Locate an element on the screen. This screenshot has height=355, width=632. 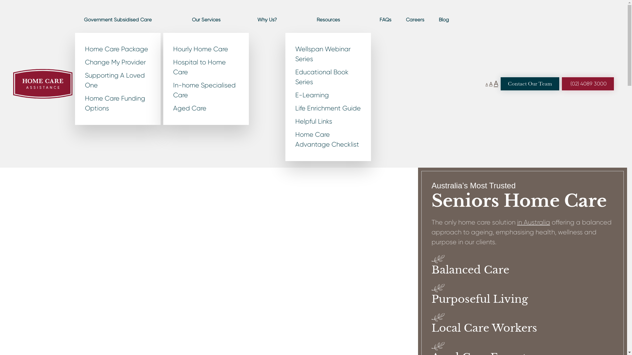
'Change My Provider' is located at coordinates (118, 62).